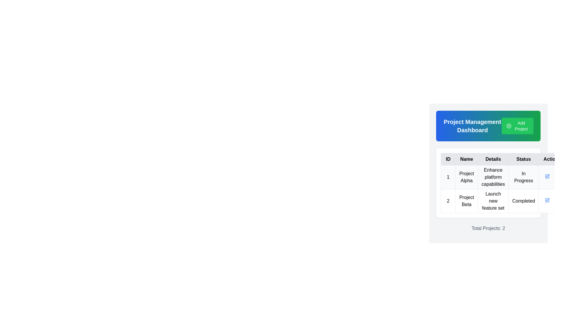 The height and width of the screenshot is (318, 565). Describe the element at coordinates (508, 126) in the screenshot. I see `the circular outline within the 'Add Project' button` at that location.